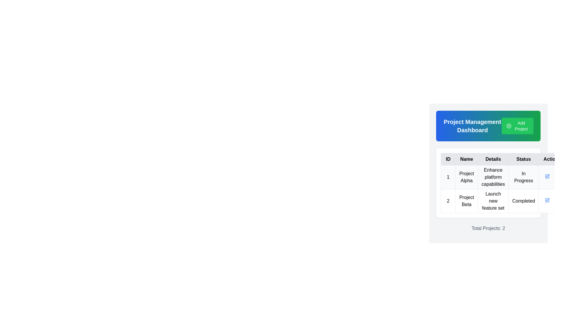 The height and width of the screenshot is (318, 565). Describe the element at coordinates (508, 126) in the screenshot. I see `the circular outline within the 'Add Project' button` at that location.